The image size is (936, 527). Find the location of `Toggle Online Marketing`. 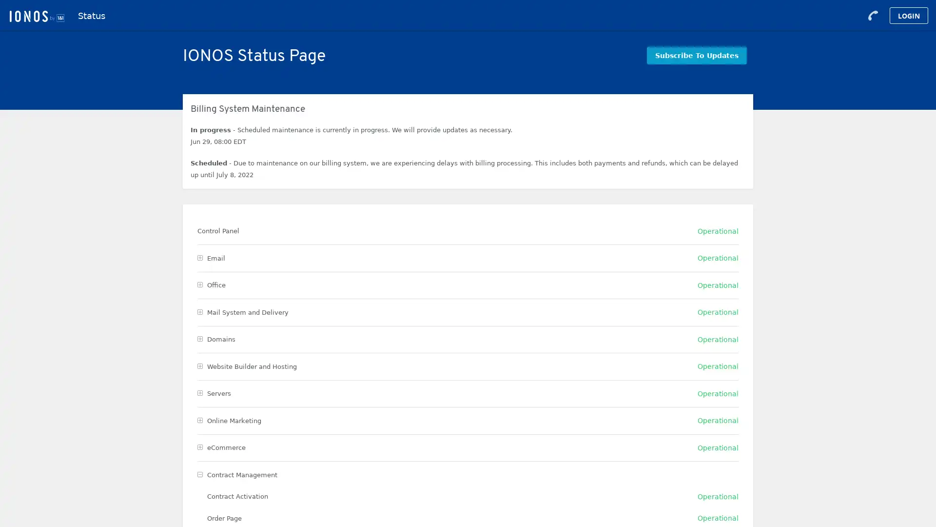

Toggle Online Marketing is located at coordinates (199, 420).